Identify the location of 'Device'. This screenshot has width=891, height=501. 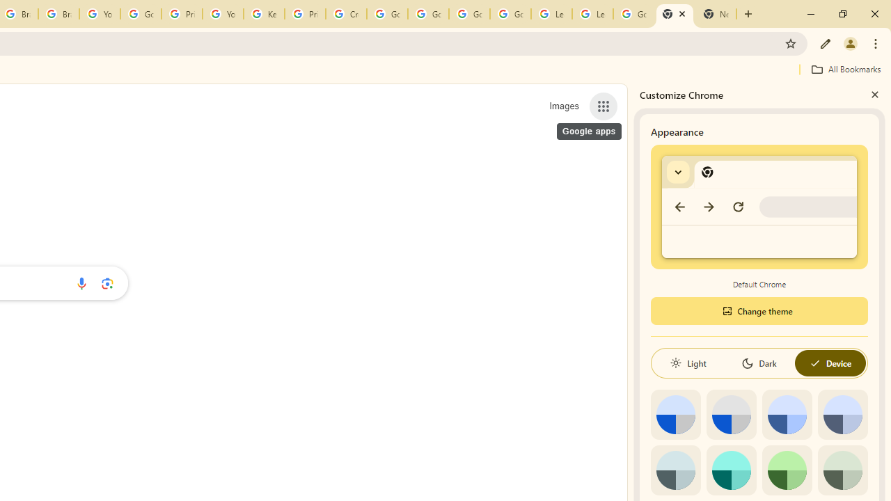
(830, 363).